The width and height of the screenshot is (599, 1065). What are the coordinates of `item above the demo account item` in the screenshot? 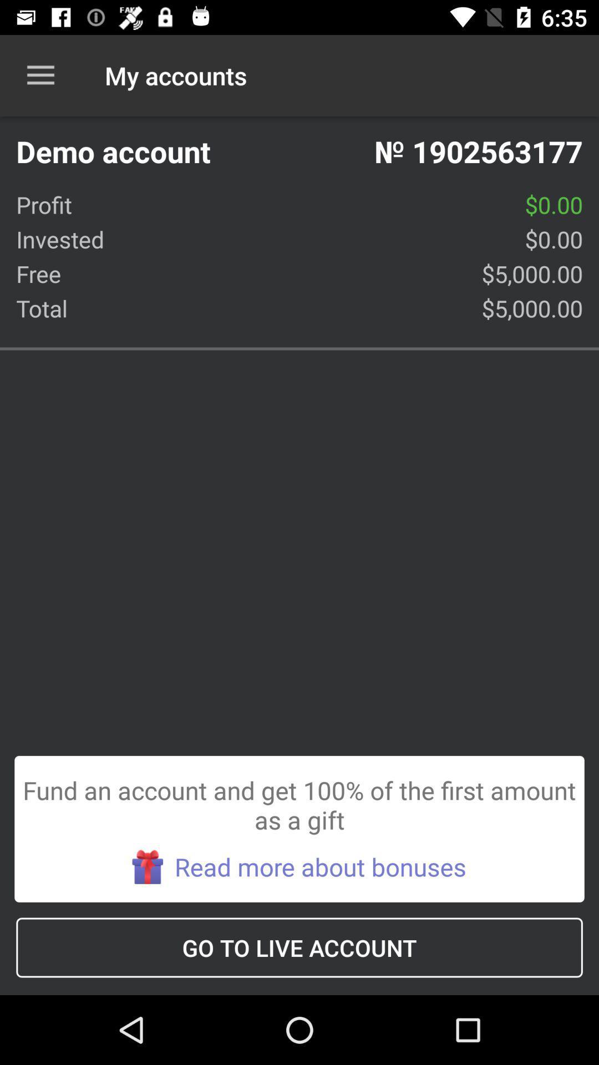 It's located at (40, 75).